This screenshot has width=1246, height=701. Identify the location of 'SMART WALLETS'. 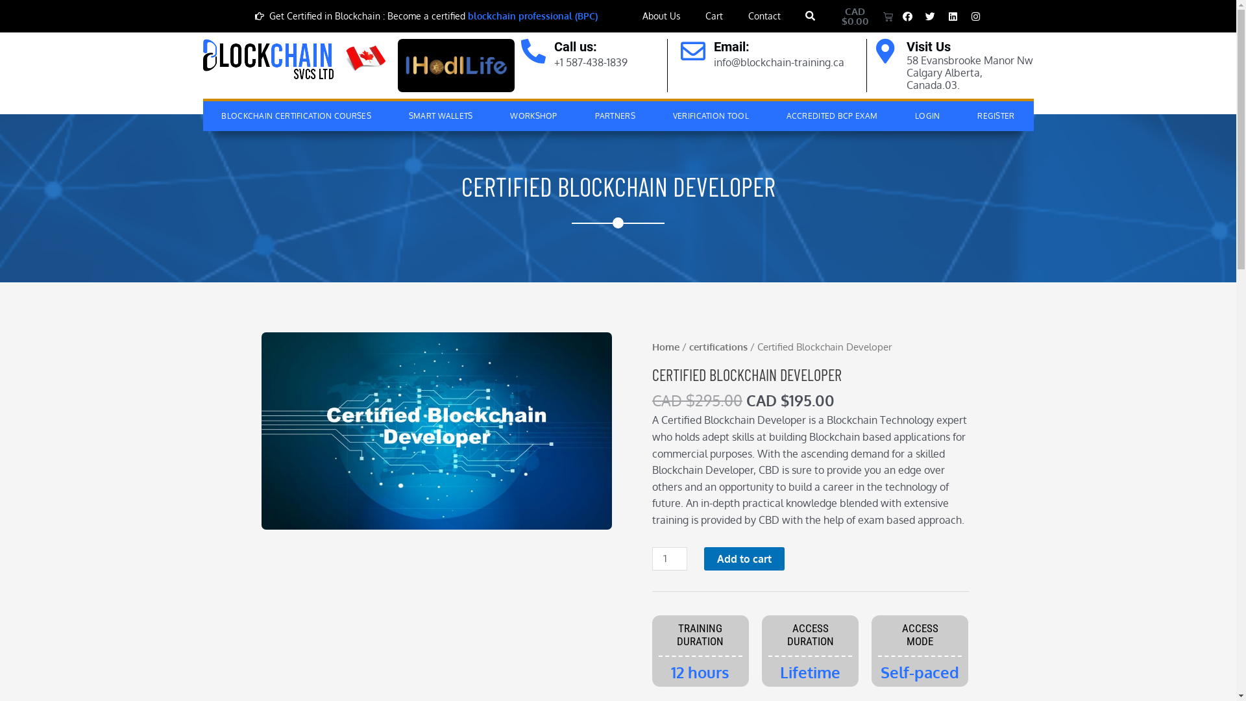
(389, 115).